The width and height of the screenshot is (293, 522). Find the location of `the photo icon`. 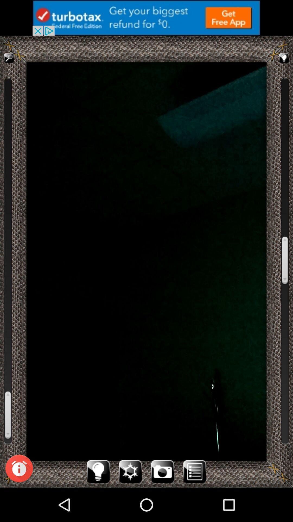

the photo icon is located at coordinates (162, 504).